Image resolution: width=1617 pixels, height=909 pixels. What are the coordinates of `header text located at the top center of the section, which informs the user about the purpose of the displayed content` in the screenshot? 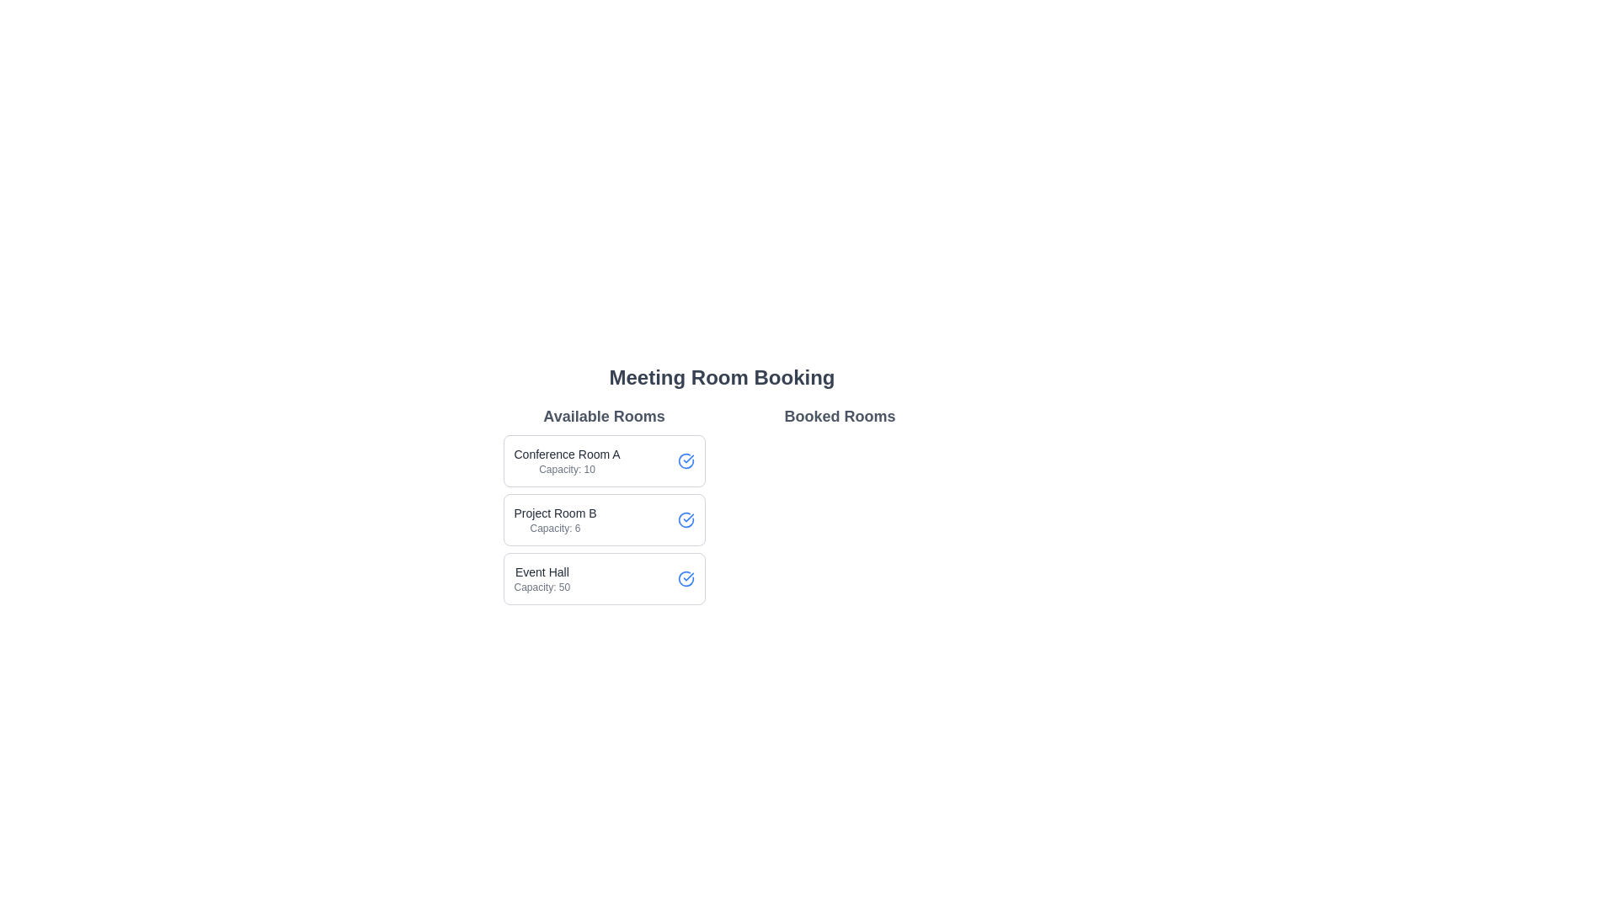 It's located at (722, 376).